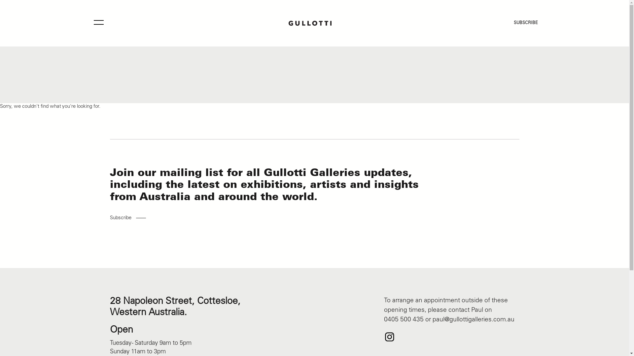 The width and height of the screenshot is (634, 356). I want to click on 'Subscribe', so click(127, 218).